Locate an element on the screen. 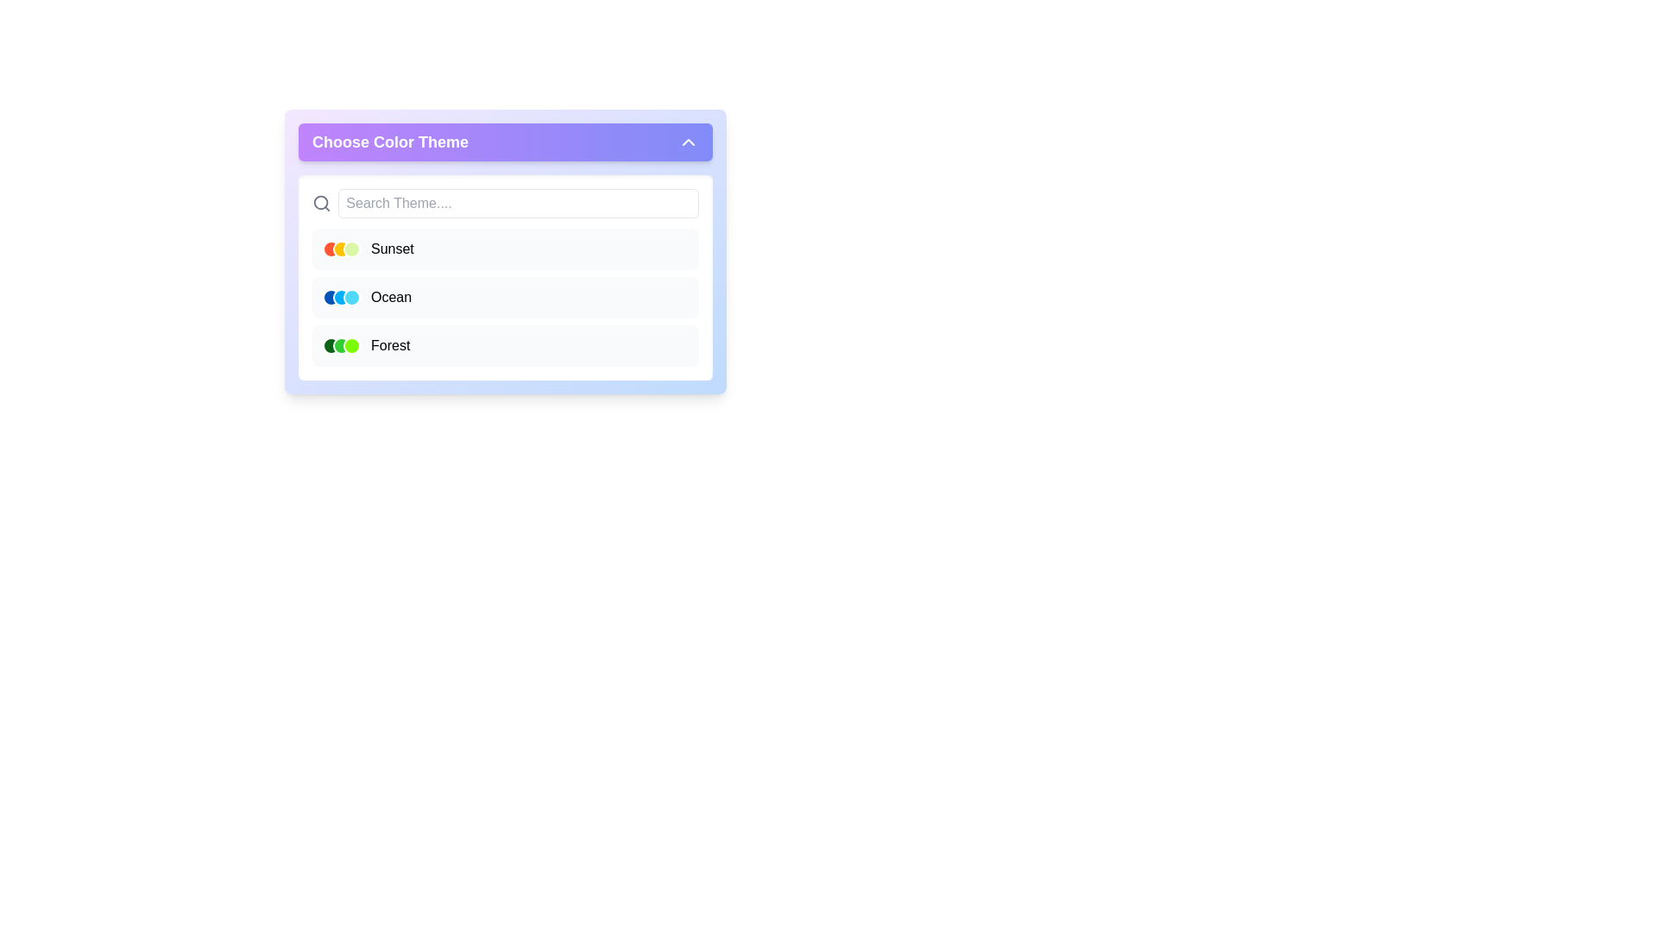 The image size is (1657, 932). the third item in the dropdown menu labeled 'Forest', which features three circular color indicators on the left and changes background color when hovered is located at coordinates (504, 346).